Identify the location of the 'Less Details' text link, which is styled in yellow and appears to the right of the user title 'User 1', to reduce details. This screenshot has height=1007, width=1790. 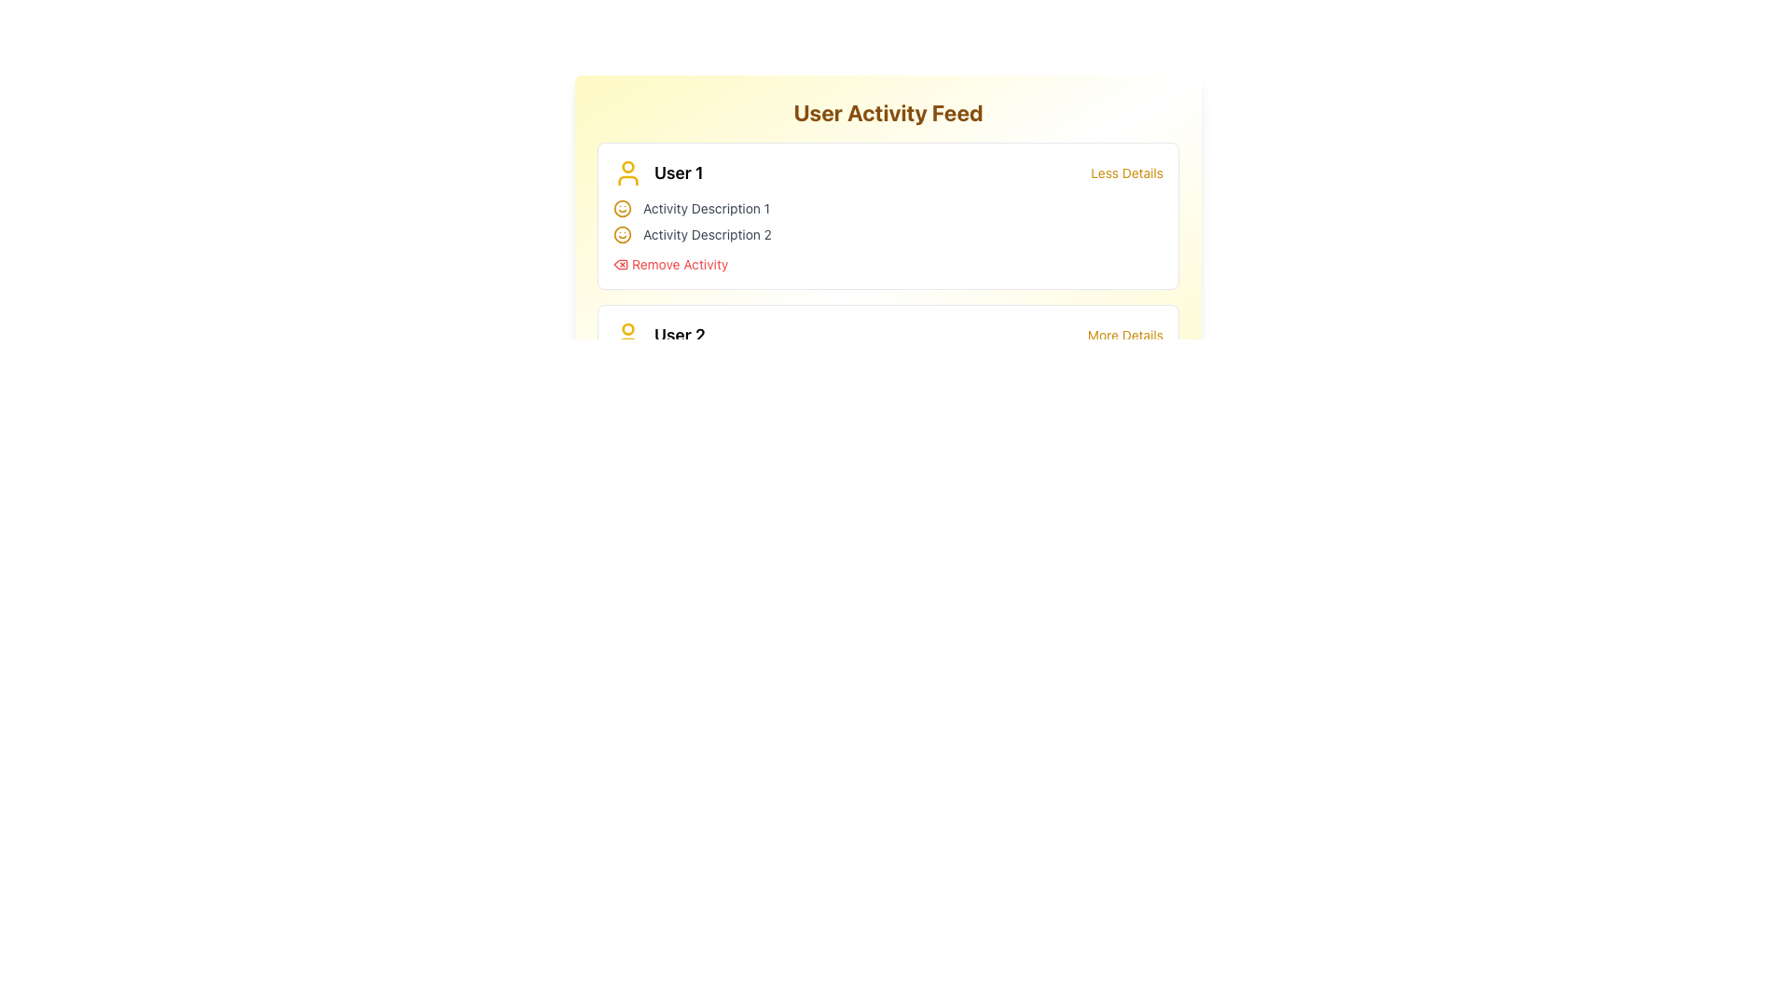
(1126, 172).